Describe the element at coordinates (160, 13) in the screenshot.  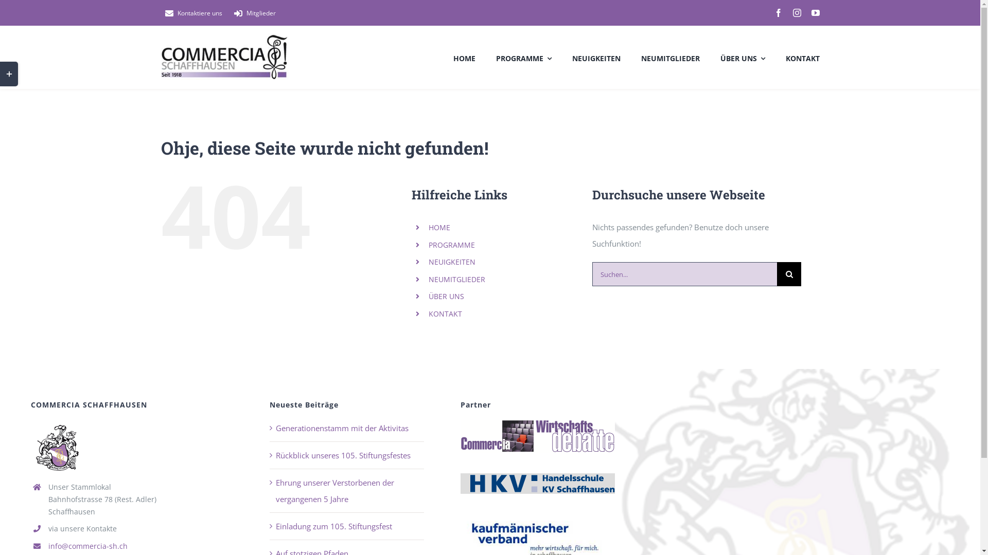
I see `'Kontaktiere uns'` at that location.